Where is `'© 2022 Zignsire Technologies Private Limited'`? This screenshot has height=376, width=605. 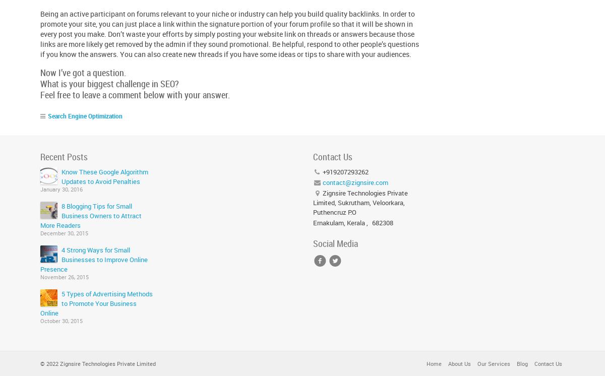 '© 2022 Zignsire Technologies Private Limited' is located at coordinates (97, 363).